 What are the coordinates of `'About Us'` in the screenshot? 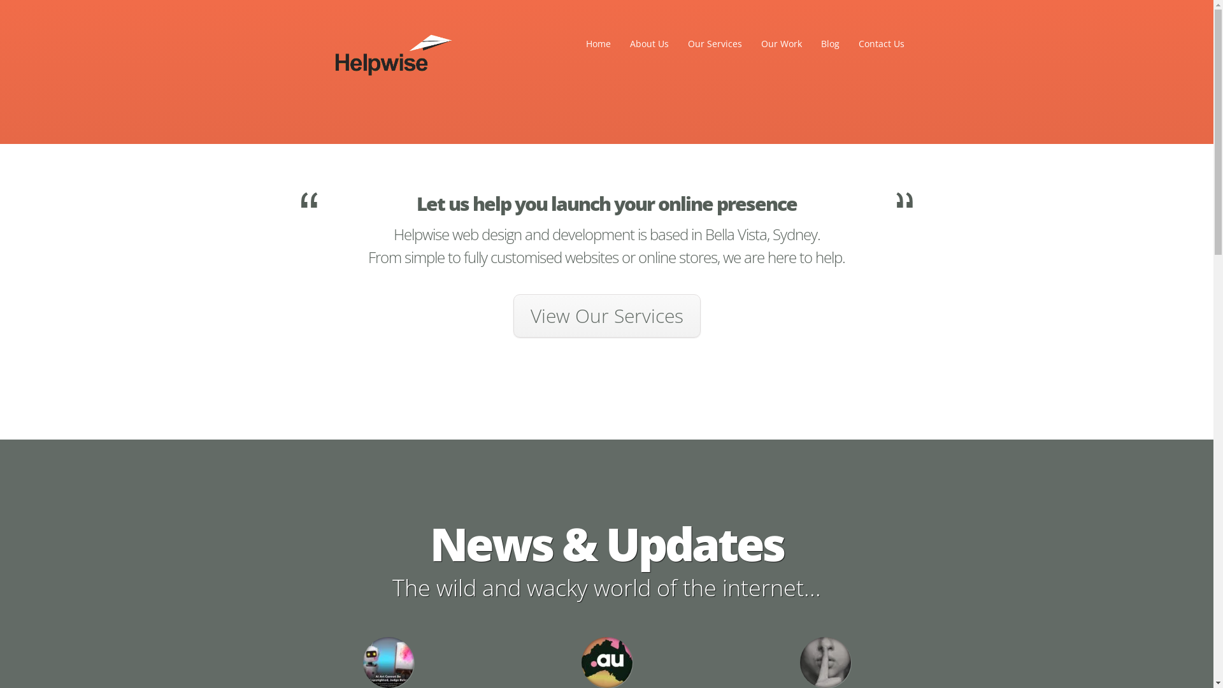 It's located at (649, 43).